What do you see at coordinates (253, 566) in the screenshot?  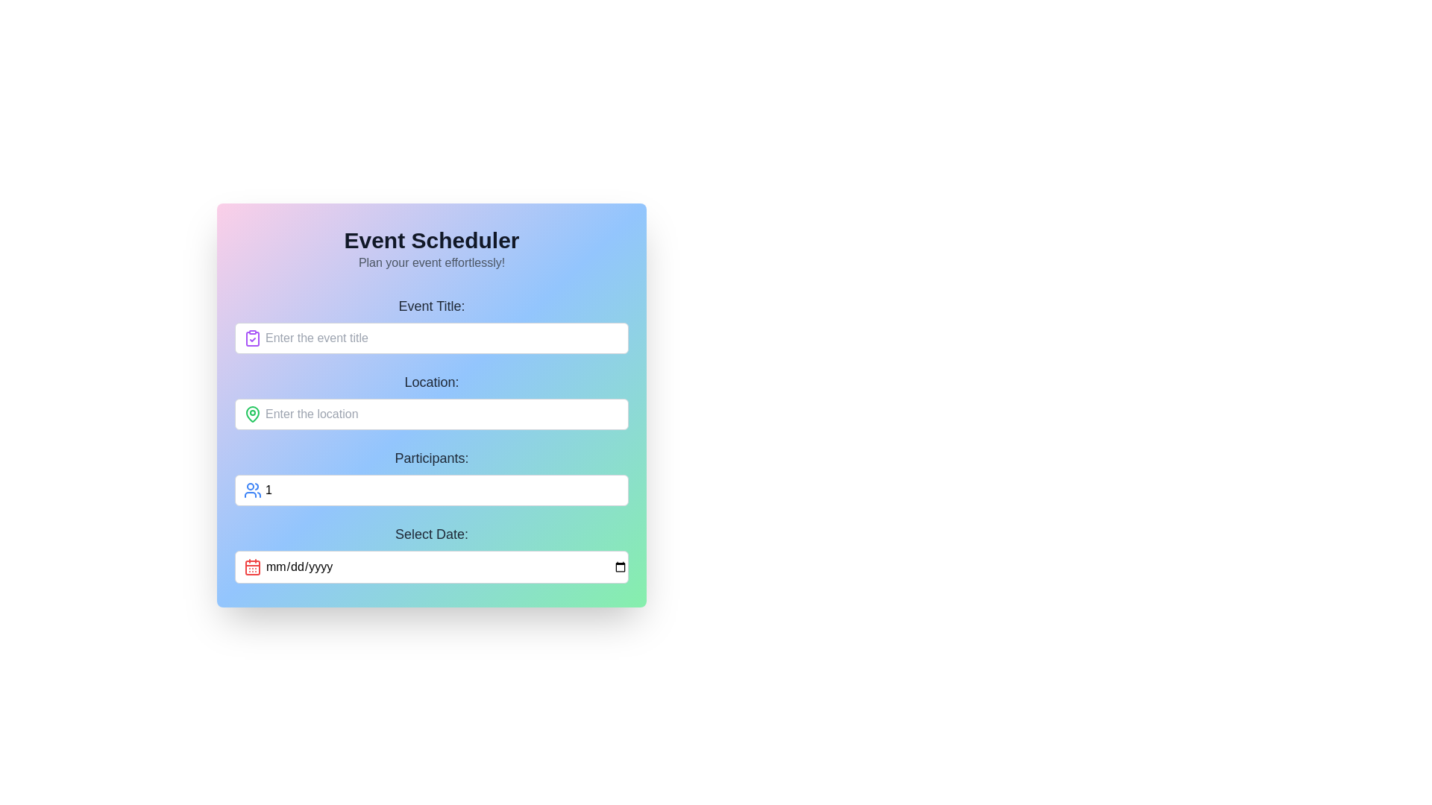 I see `the icon located to the left inside the date input field, below the 'Participants' field` at bounding box center [253, 566].